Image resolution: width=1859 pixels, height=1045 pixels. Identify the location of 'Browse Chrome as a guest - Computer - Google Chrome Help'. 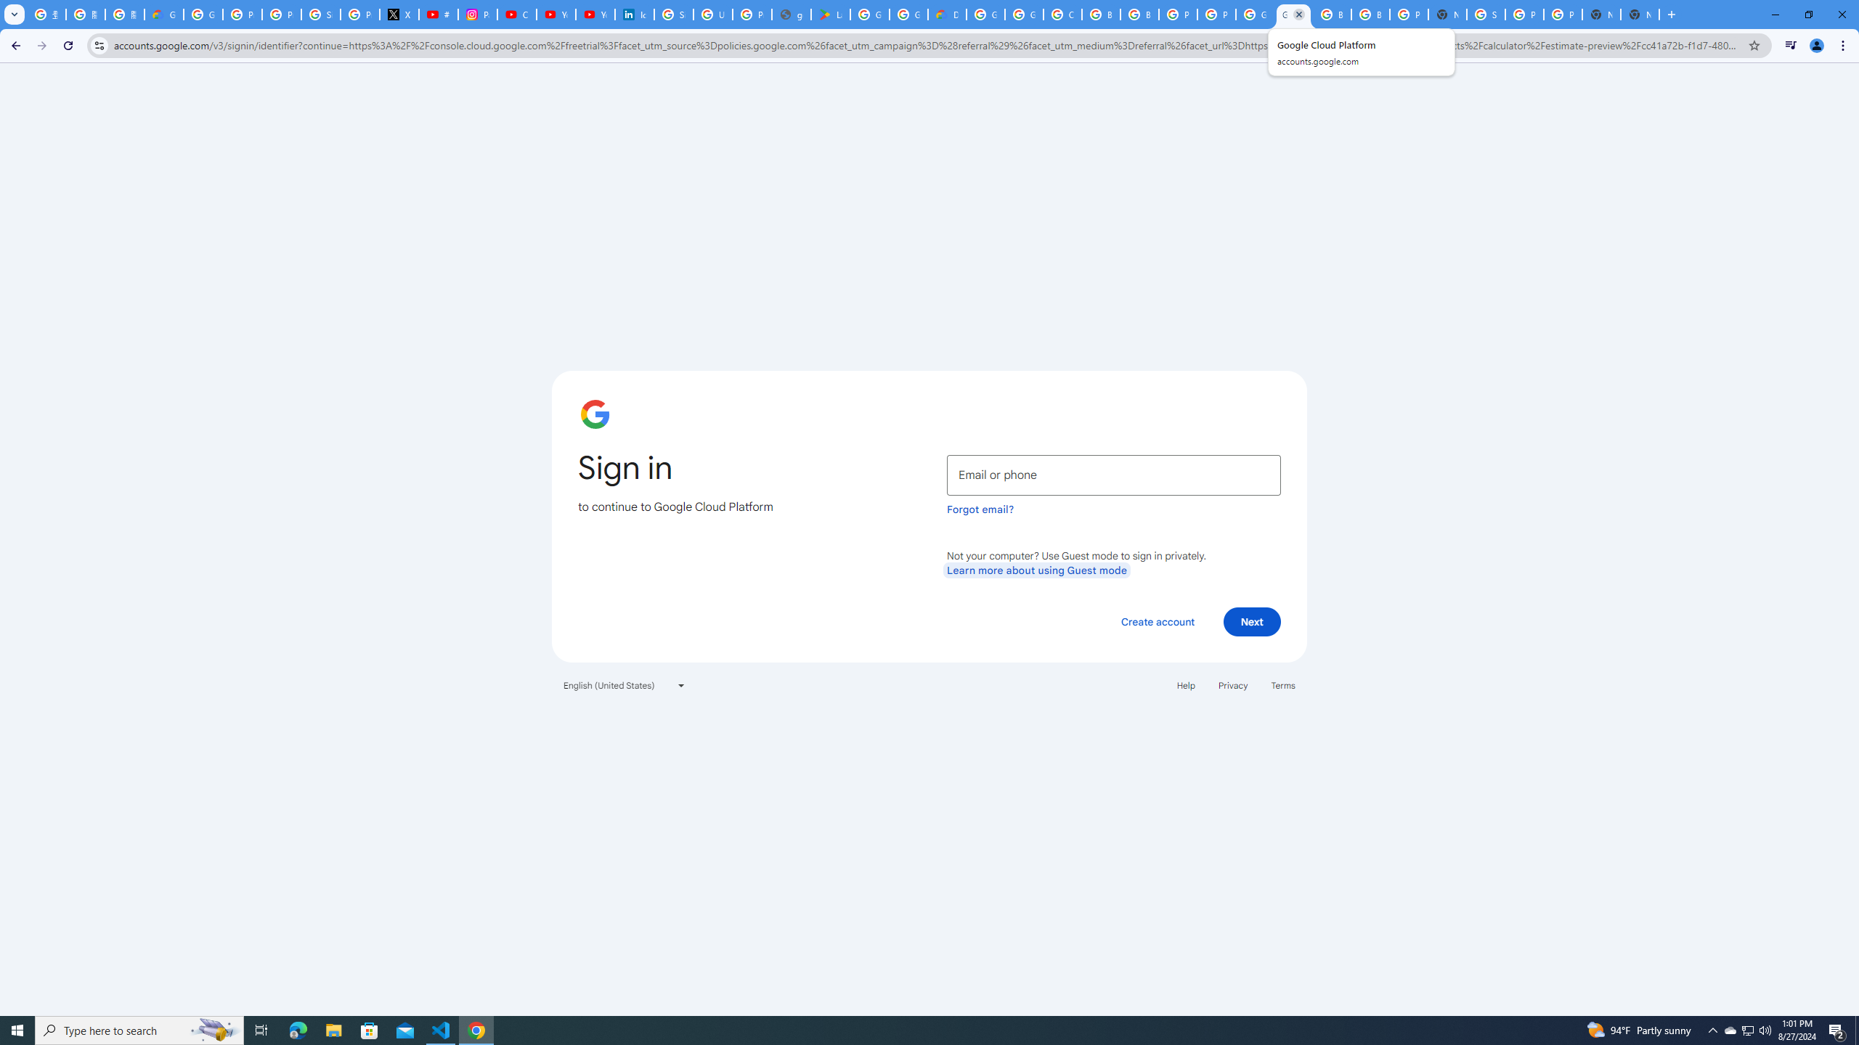
(1139, 14).